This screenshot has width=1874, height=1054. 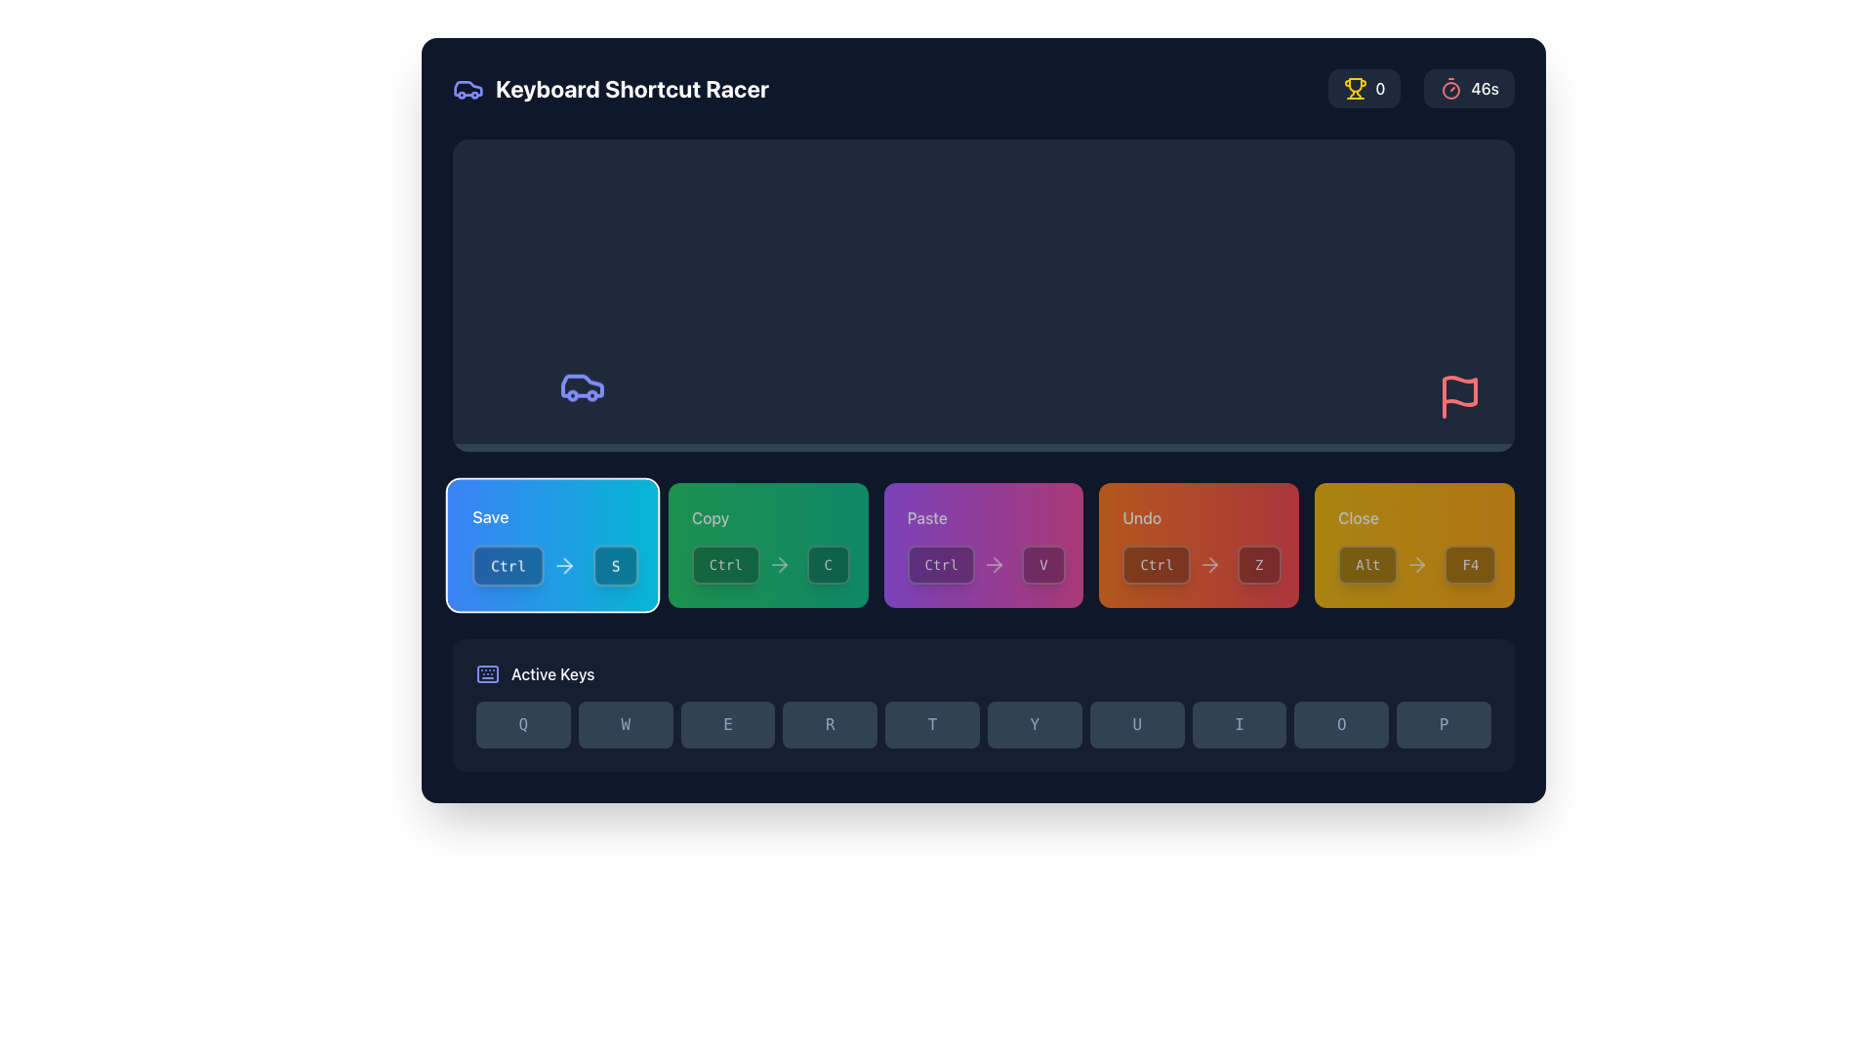 What do you see at coordinates (724, 564) in the screenshot?
I see `text of the 'Ctrl' label, which has a key-like styling and is located in the 'Copy' shortcut section, positioned to the left of the arrow icon` at bounding box center [724, 564].